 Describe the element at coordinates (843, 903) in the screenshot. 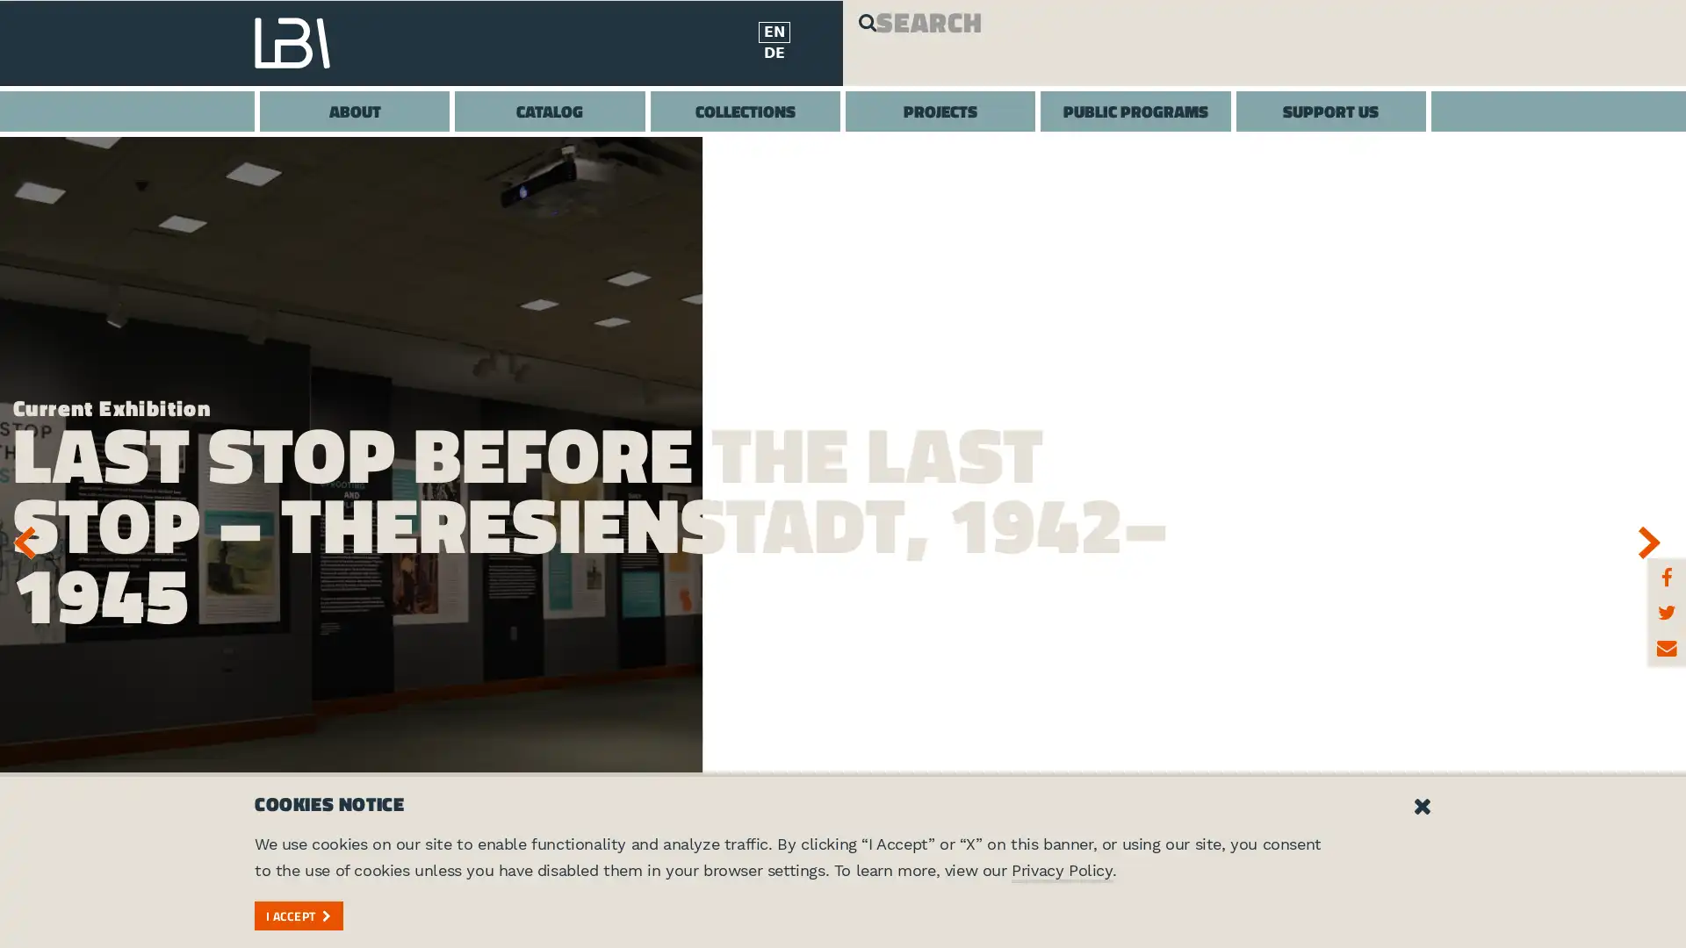

I see `Scroll to the next block` at that location.